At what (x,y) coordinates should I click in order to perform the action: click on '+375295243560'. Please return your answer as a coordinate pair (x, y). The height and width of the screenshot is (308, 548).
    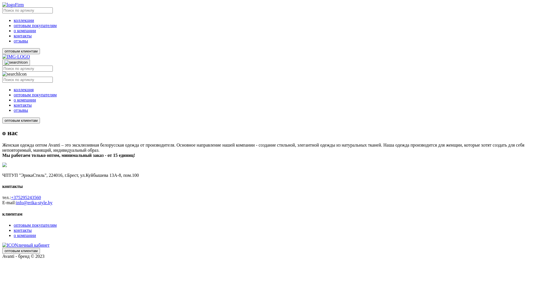
    Looking at the image, I should click on (11, 197).